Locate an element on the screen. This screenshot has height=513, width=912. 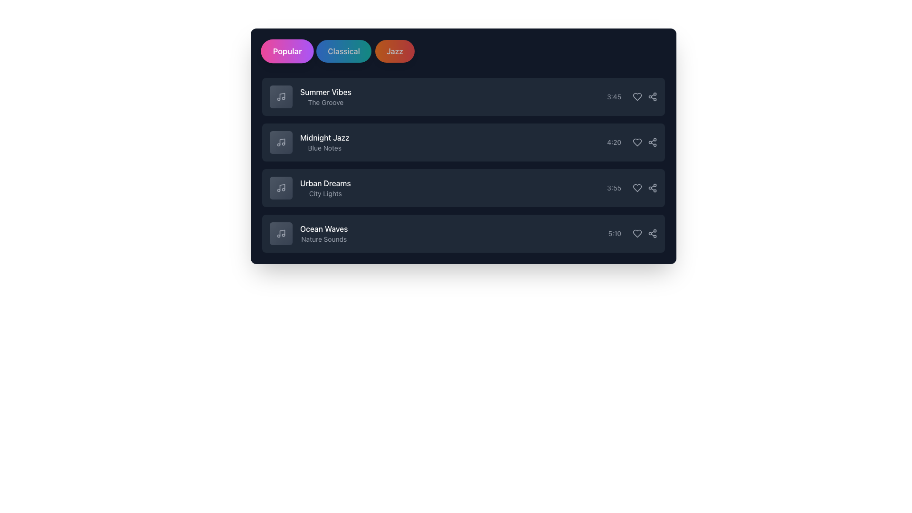
the Icon button with a music note icon, located at the top-left corner of the list item labeled 'Summer Vibes' and 'The Groove' is located at coordinates (280, 97).